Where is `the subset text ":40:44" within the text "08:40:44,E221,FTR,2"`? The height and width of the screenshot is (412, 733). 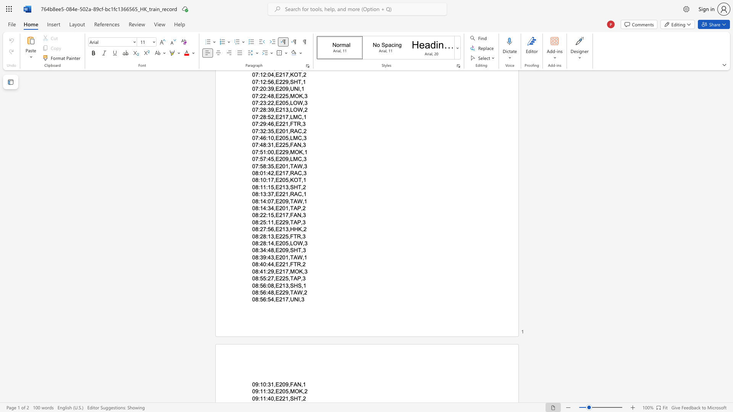 the subset text ":40:44" within the text "08:40:44,E221,FTR,2" is located at coordinates (258, 264).